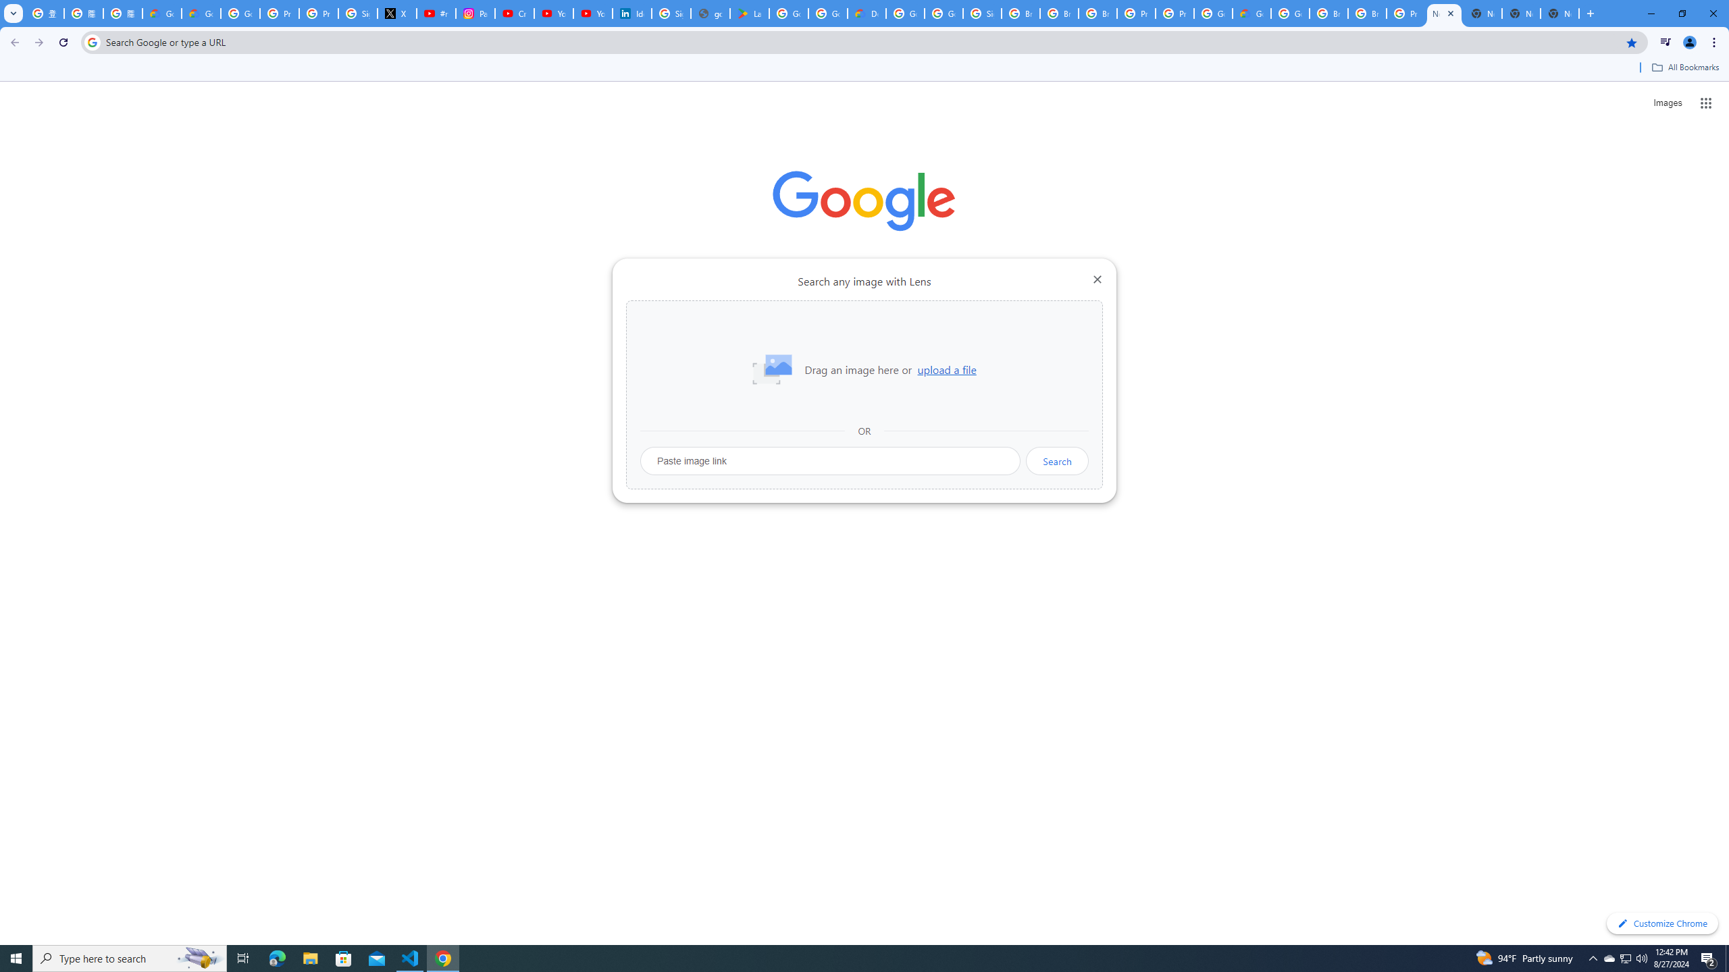 The width and height of the screenshot is (1729, 972). What do you see at coordinates (1251, 13) in the screenshot?
I see `'Google Cloud Estimate Summary'` at bounding box center [1251, 13].